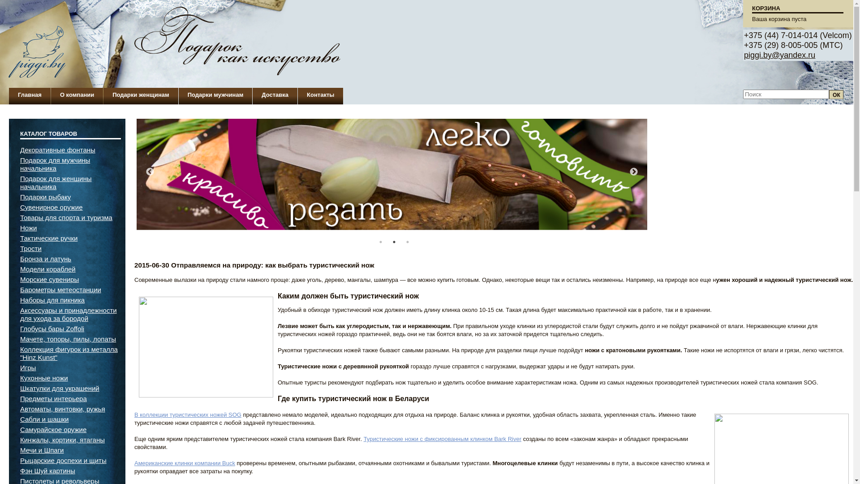 This screenshot has width=860, height=484. Describe the element at coordinates (633, 172) in the screenshot. I see `'Next'` at that location.